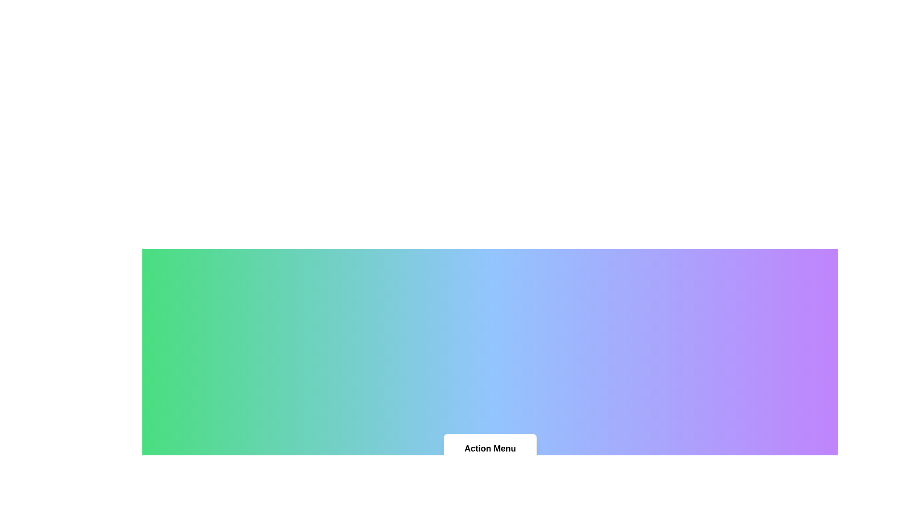 The image size is (917, 516). Describe the element at coordinates (490, 470) in the screenshot. I see `the menu item Home to highlight it` at that location.